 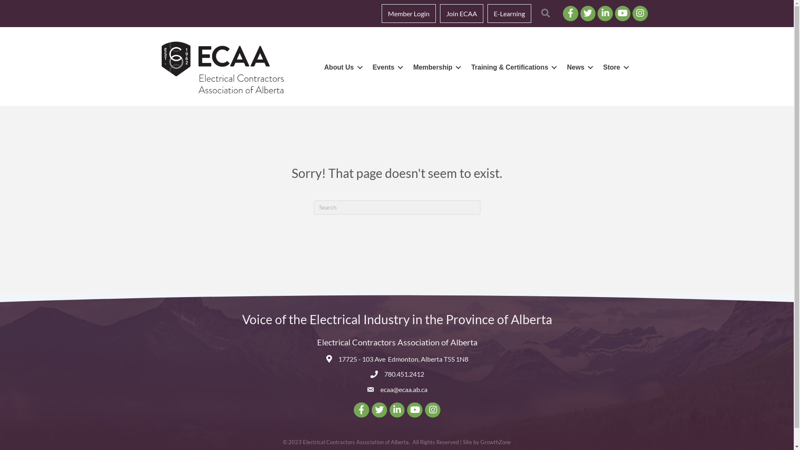 What do you see at coordinates (495, 441) in the screenshot?
I see `'GrowthZone'` at bounding box center [495, 441].